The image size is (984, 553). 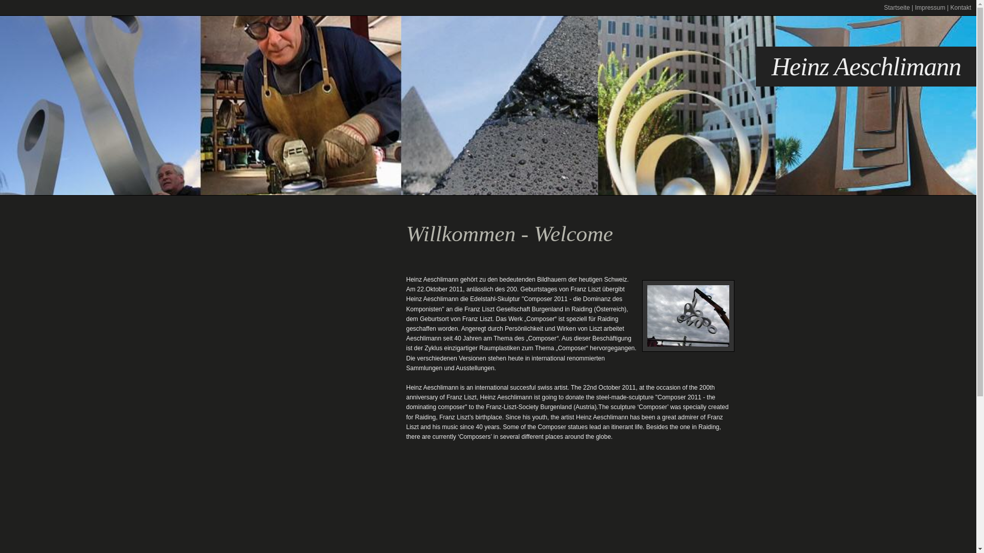 What do you see at coordinates (930, 8) in the screenshot?
I see `'Impressum'` at bounding box center [930, 8].